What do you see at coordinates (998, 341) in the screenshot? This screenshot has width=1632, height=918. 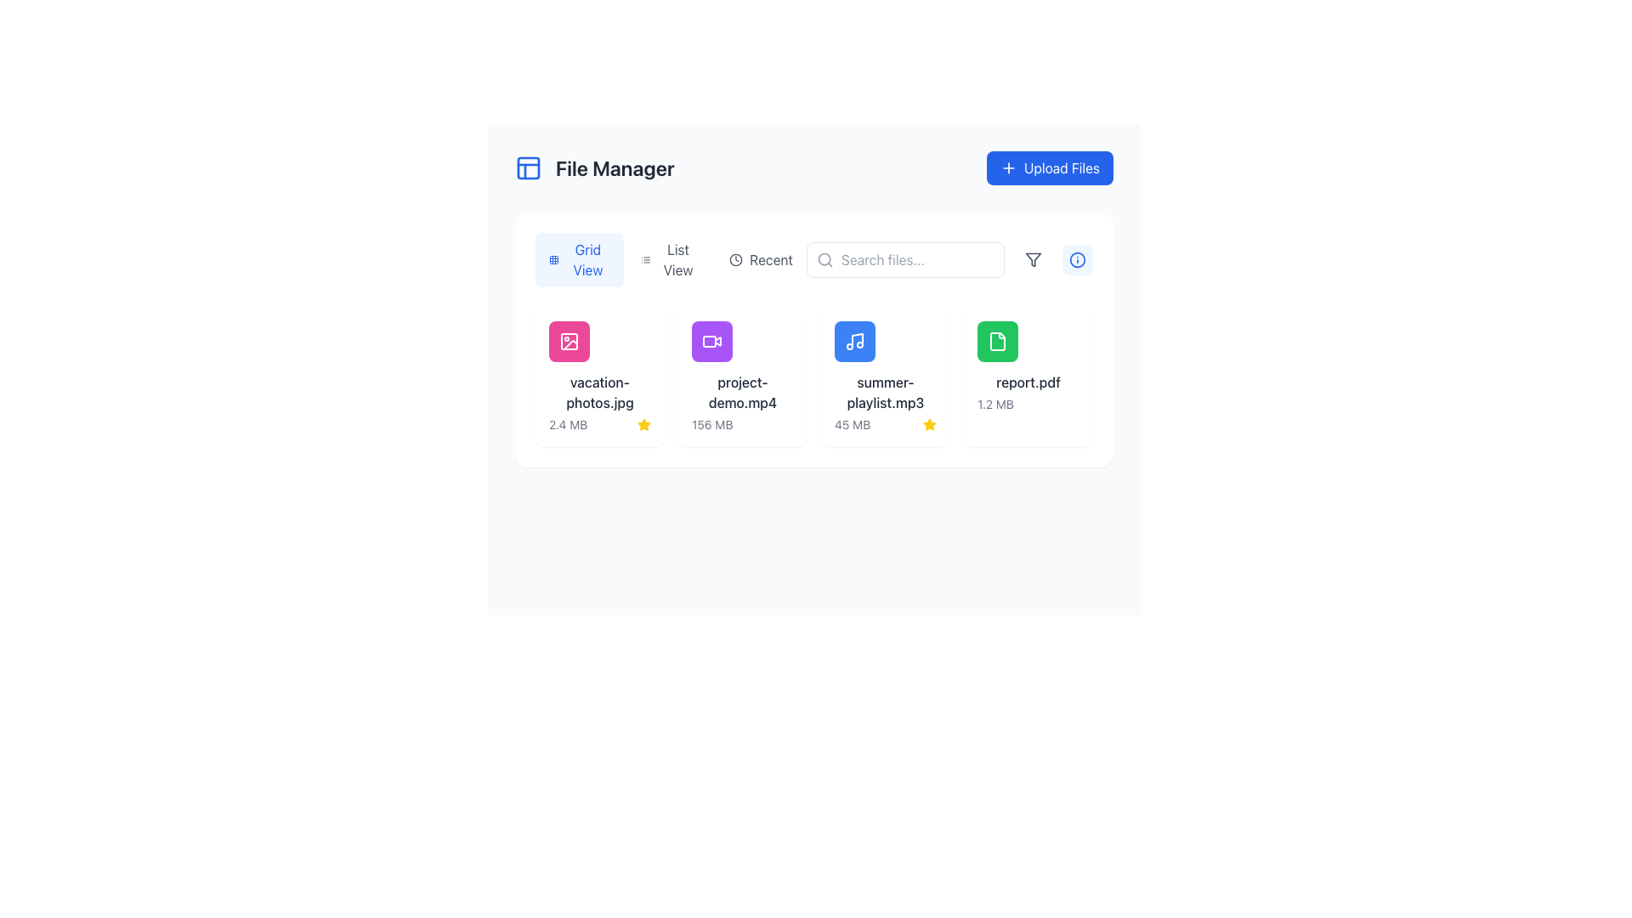 I see `the green square icon button featuring a white file symbol to interact or select the file labeled 'report.pdf - 1.2 MB' located in the bottom right section of the file grid interface` at bounding box center [998, 341].